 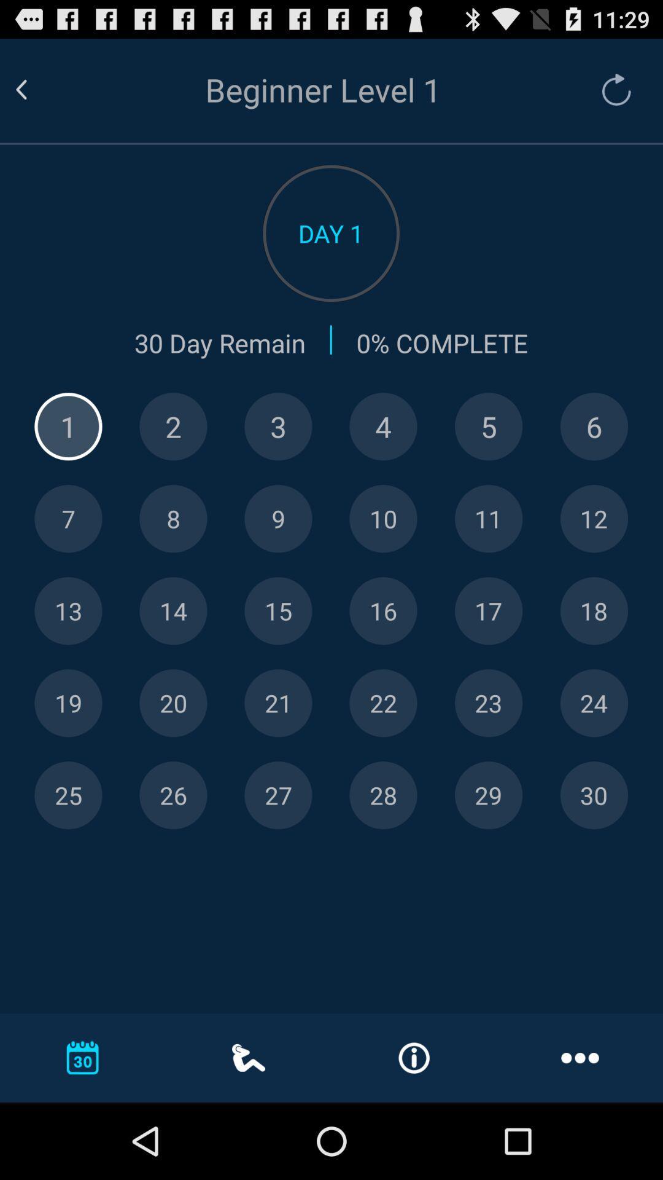 I want to click on level 15, so click(x=278, y=611).